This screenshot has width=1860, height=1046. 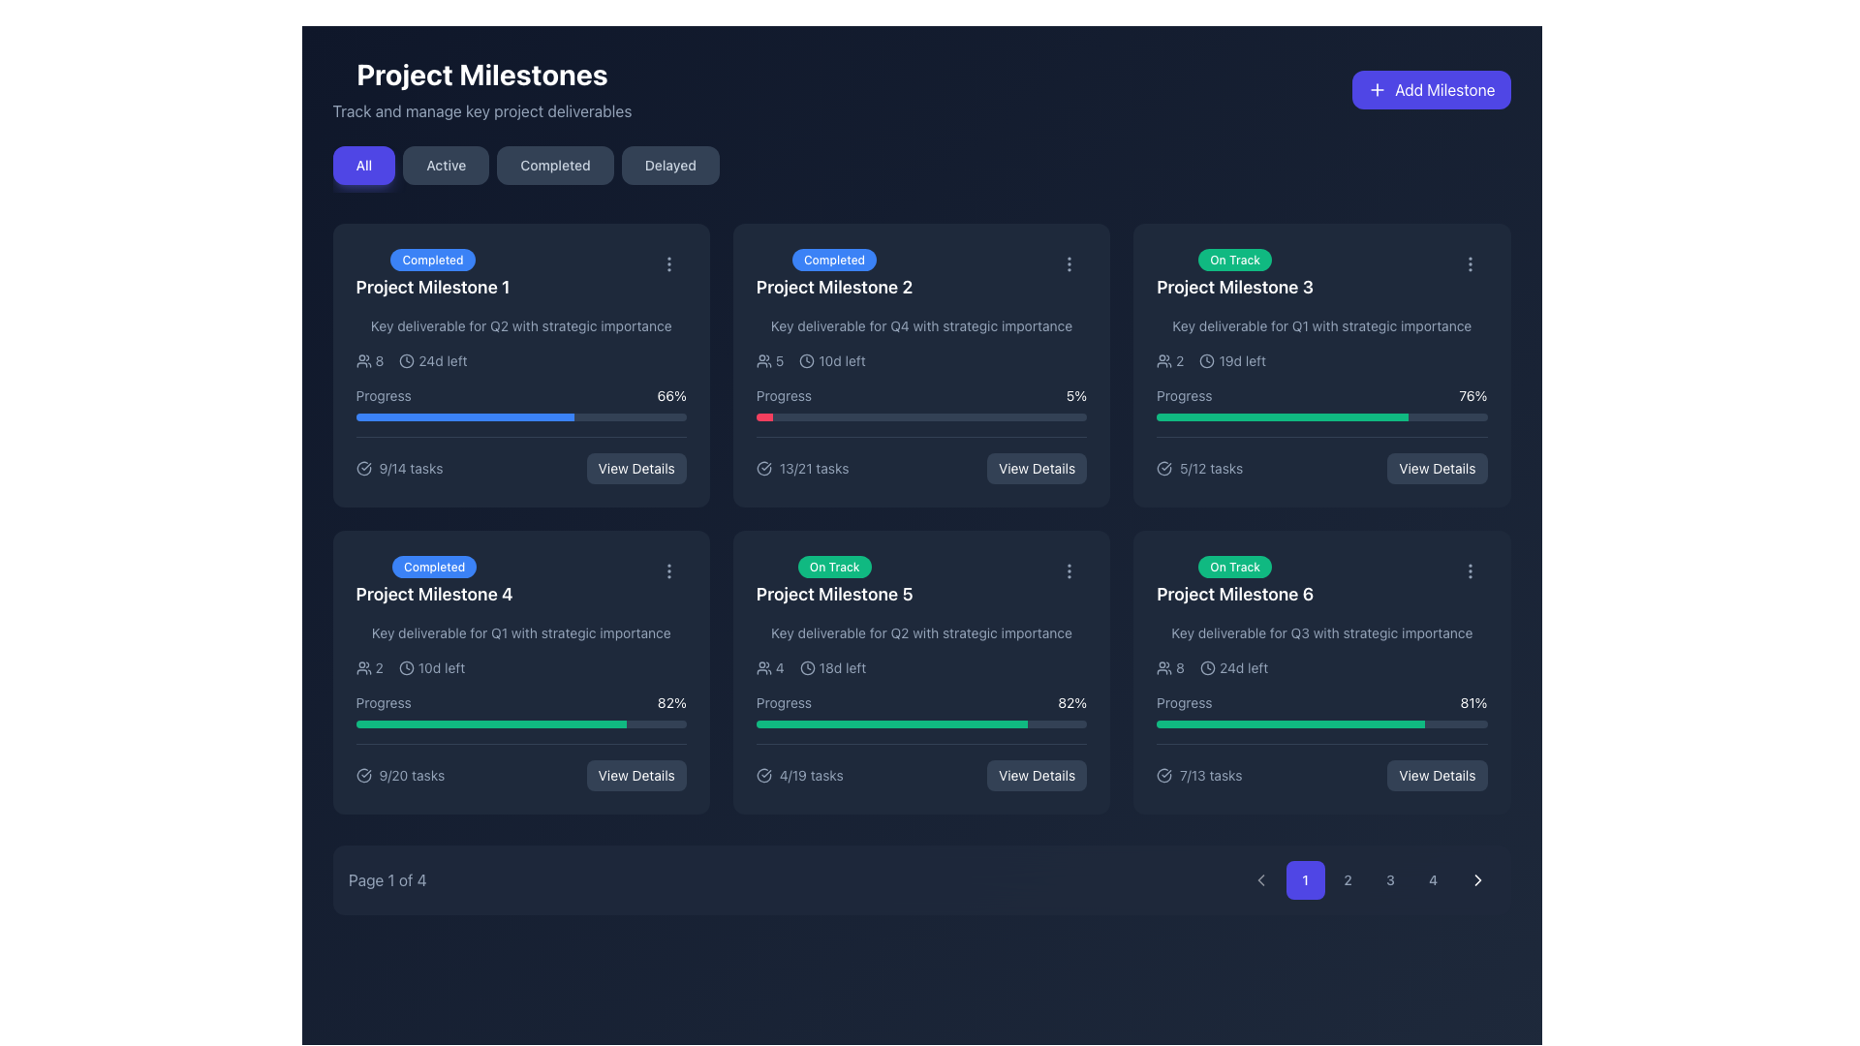 What do you see at coordinates (1389, 880) in the screenshot?
I see `the circular button labeled '3'` at bounding box center [1389, 880].